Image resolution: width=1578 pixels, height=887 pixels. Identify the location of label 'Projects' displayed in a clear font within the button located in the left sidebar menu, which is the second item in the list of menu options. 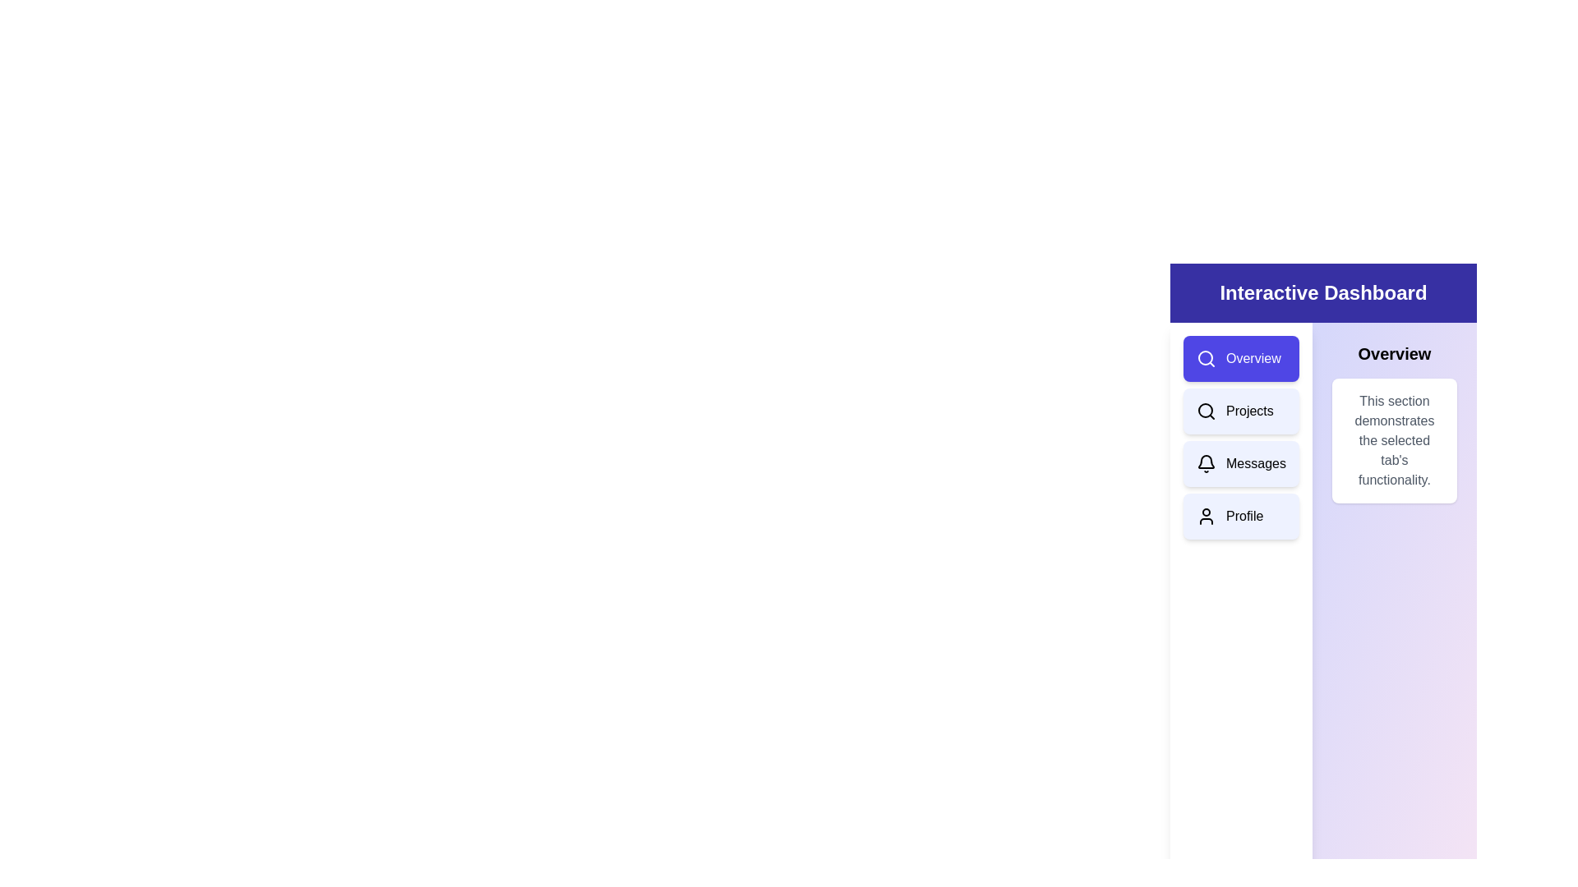
(1249, 411).